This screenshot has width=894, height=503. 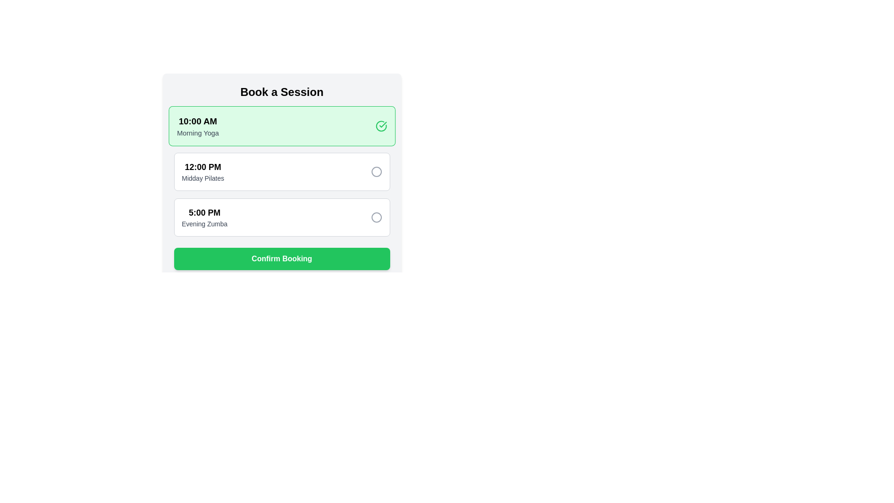 What do you see at coordinates (203, 178) in the screenshot?
I see `the text block describing the scheduled activity or session located below the '12:00 PM' text in the 'Book a Session' list for the second session option` at bounding box center [203, 178].